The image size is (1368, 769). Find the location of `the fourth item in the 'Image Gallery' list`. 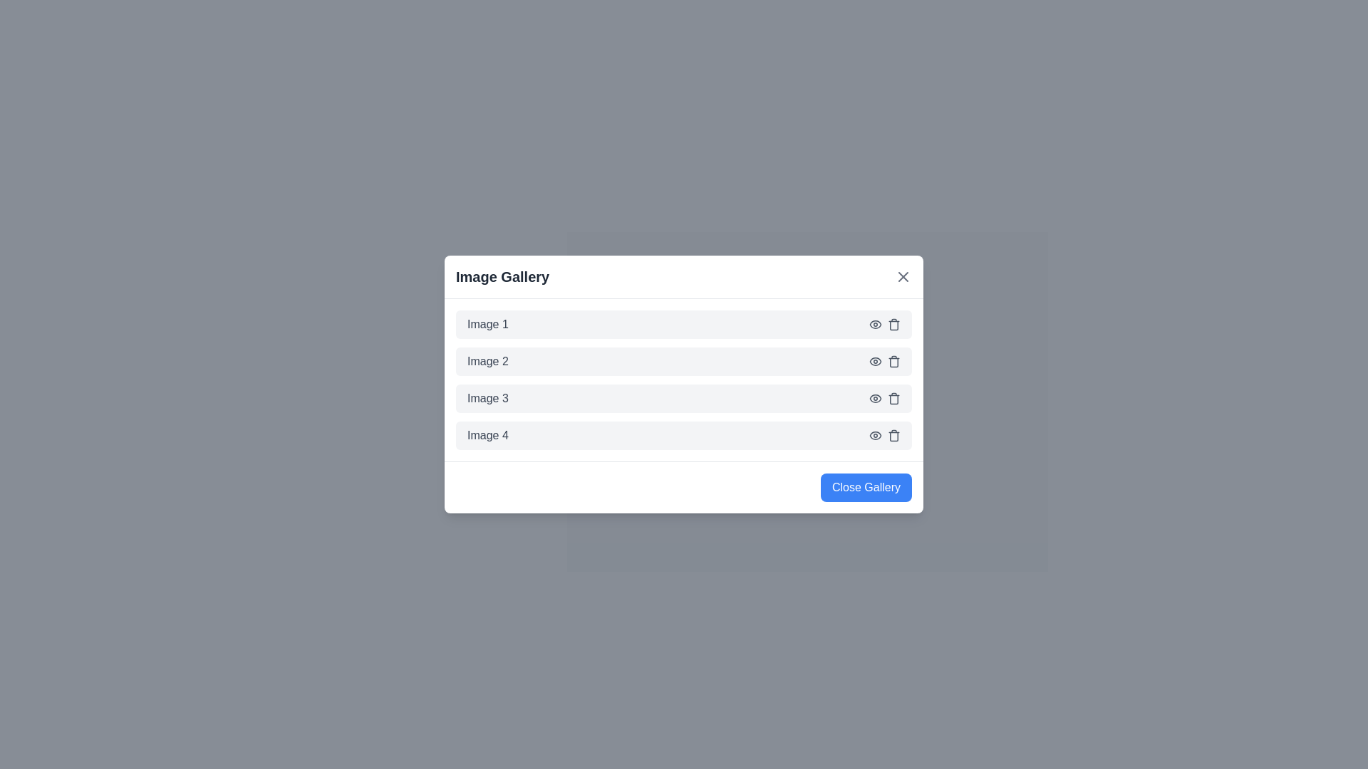

the fourth item in the 'Image Gallery' list is located at coordinates (684, 435).